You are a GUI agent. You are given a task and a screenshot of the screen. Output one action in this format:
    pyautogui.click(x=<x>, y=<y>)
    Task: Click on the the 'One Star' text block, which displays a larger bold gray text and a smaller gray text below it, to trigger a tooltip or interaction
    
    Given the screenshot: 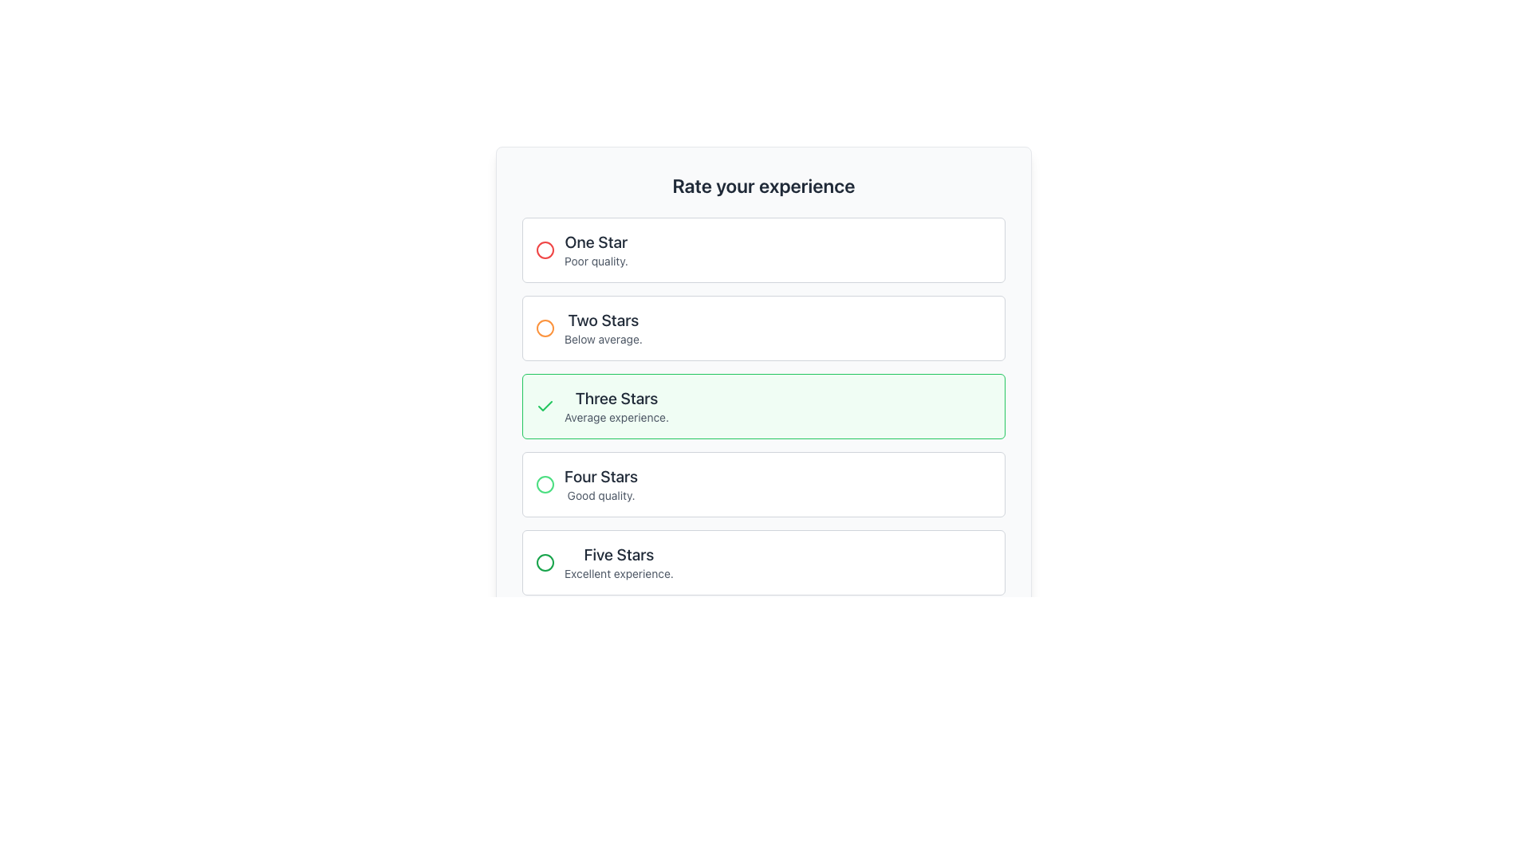 What is the action you would take?
    pyautogui.click(x=595, y=250)
    